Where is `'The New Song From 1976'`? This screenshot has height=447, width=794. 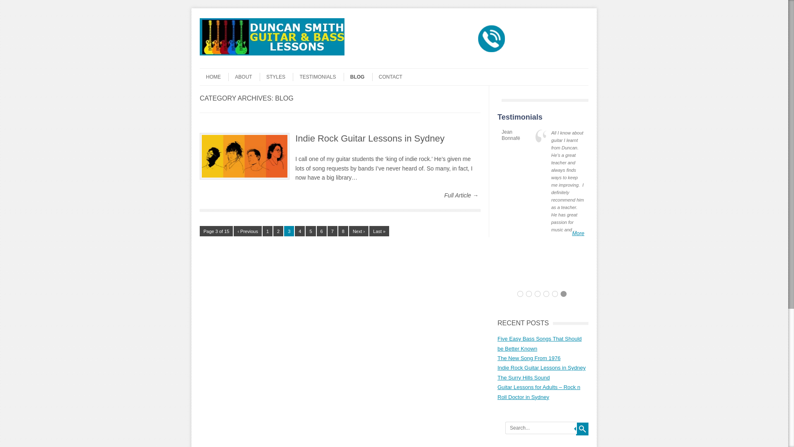 'The New Song From 1976' is located at coordinates (528, 358).